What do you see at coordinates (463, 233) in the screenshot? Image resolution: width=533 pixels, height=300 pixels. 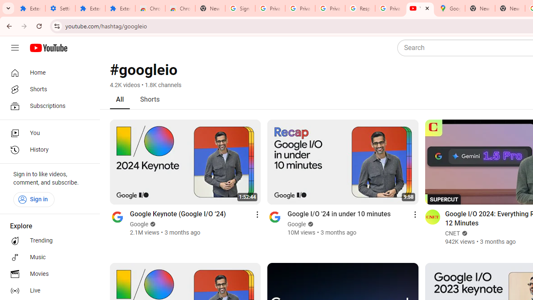 I see `'Verified'` at bounding box center [463, 233].